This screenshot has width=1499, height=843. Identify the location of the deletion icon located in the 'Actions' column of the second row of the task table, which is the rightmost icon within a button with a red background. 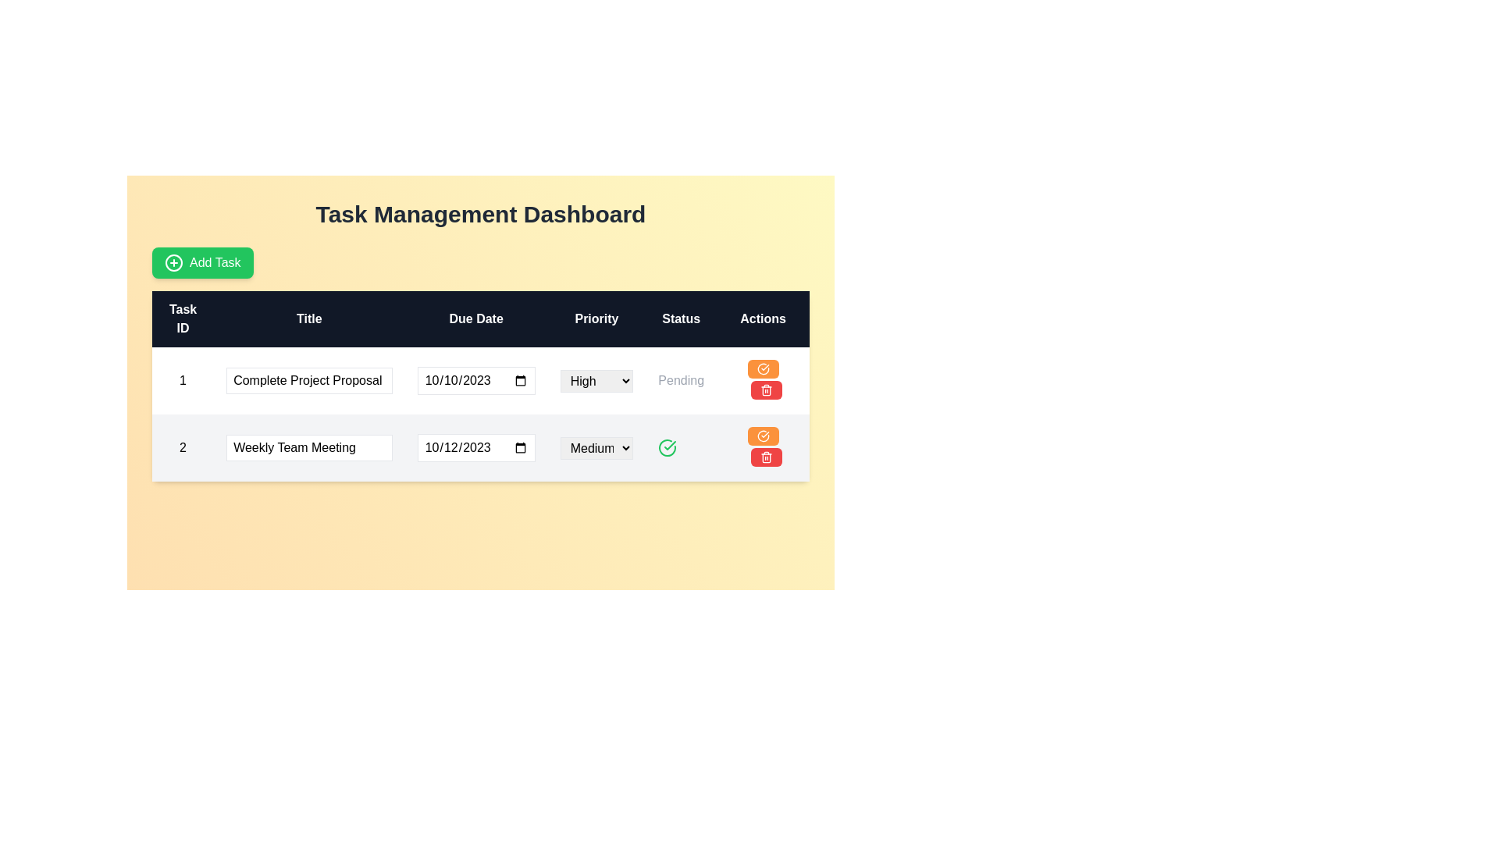
(766, 389).